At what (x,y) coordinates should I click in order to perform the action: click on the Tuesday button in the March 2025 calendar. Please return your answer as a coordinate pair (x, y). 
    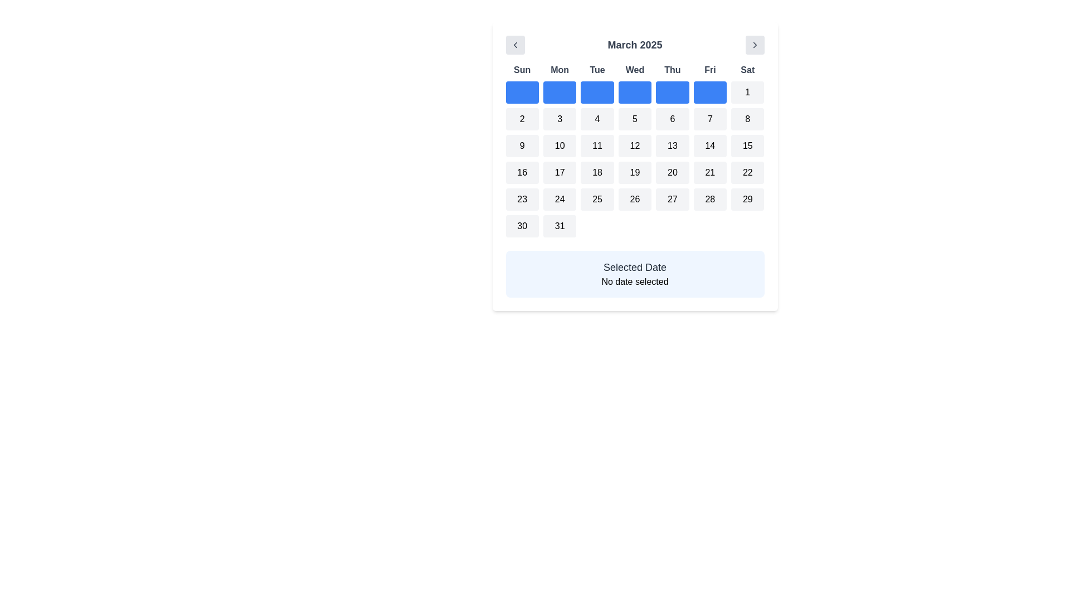
    Looking at the image, I should click on (597, 91).